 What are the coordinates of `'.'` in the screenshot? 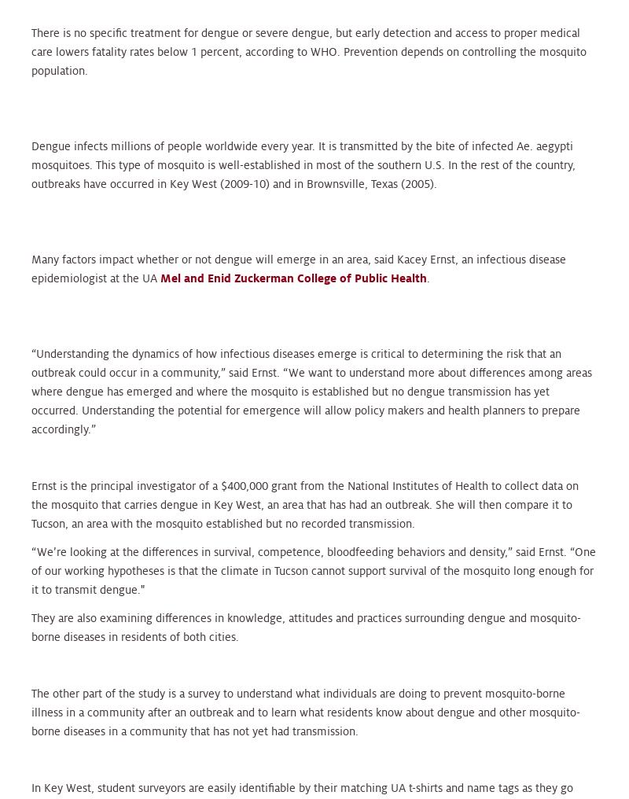 It's located at (428, 277).